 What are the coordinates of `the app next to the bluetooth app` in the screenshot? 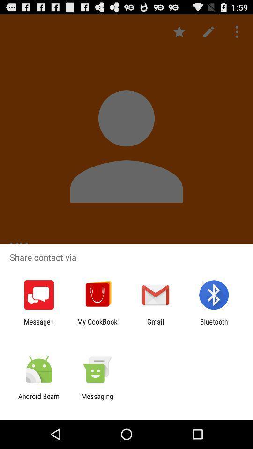 It's located at (156, 326).